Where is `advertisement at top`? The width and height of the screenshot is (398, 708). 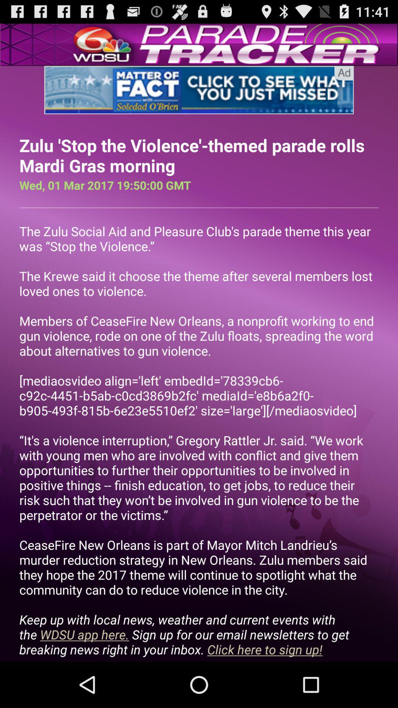 advertisement at top is located at coordinates (199, 90).